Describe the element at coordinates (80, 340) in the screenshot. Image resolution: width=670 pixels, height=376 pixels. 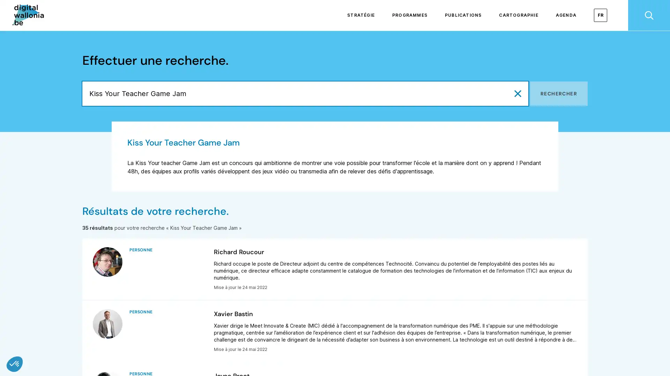
I see `Je choisis` at that location.